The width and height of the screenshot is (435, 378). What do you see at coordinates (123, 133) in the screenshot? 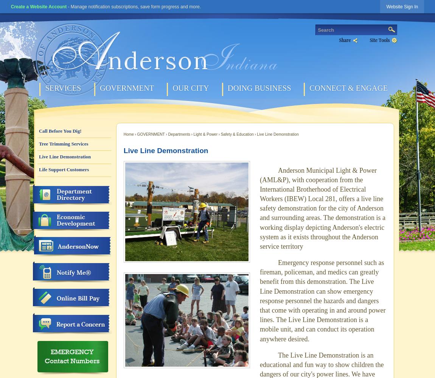
I see `'Home'` at bounding box center [123, 133].